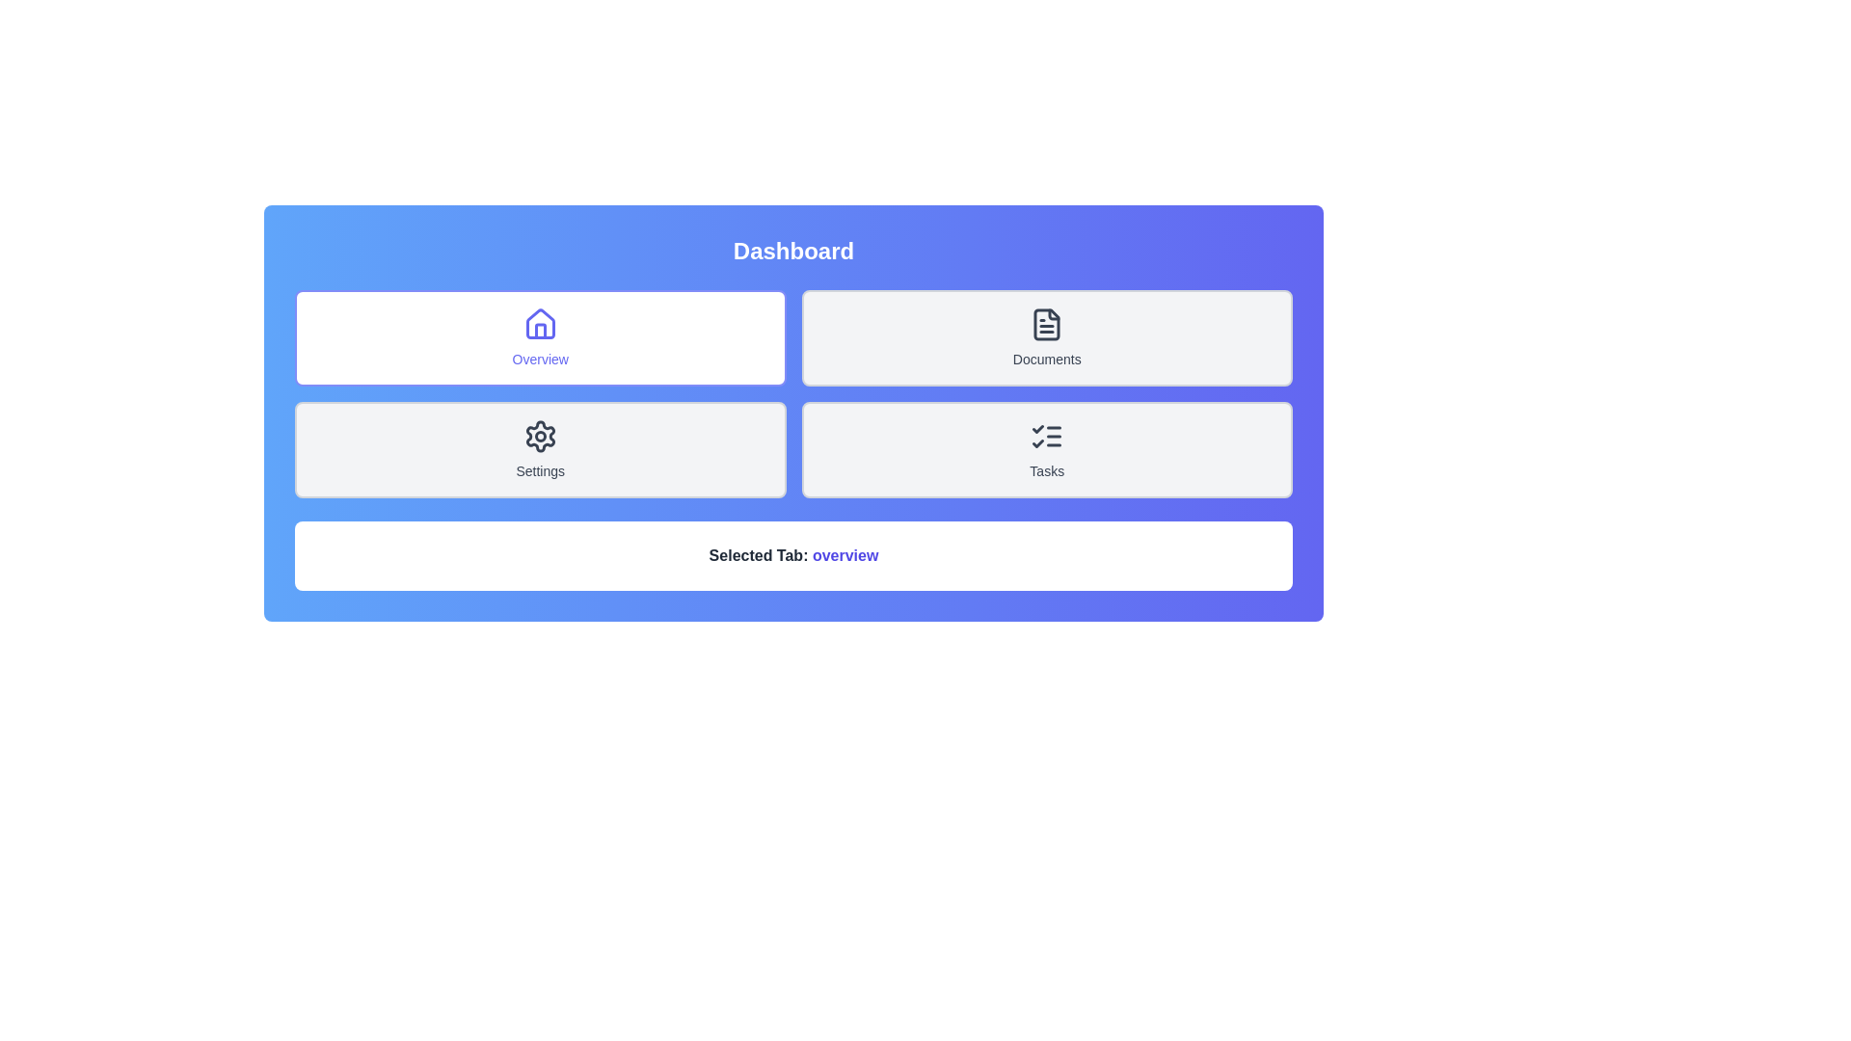 The image size is (1851, 1041). What do you see at coordinates (1046, 323) in the screenshot?
I see `the file icon representing a document, which is located within the 'Documents' button in the upper row of the grid interface` at bounding box center [1046, 323].